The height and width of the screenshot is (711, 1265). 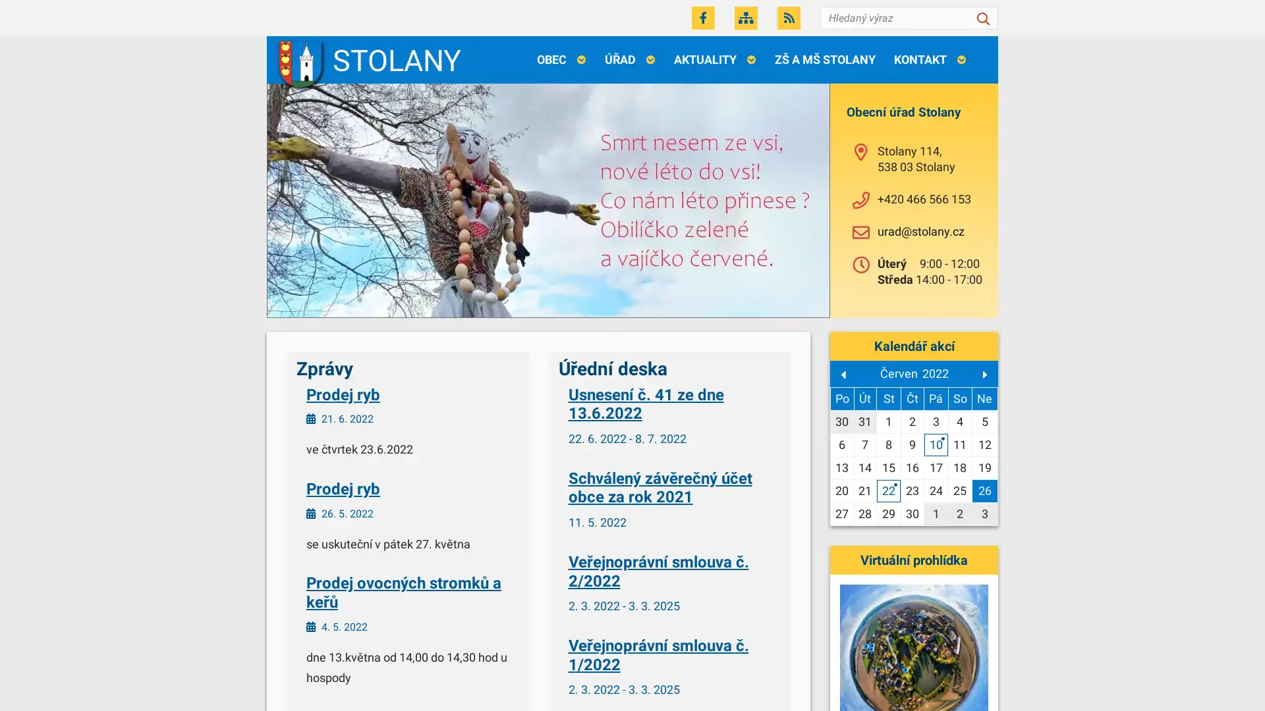 I want to click on Hledat, so click(x=983, y=18).